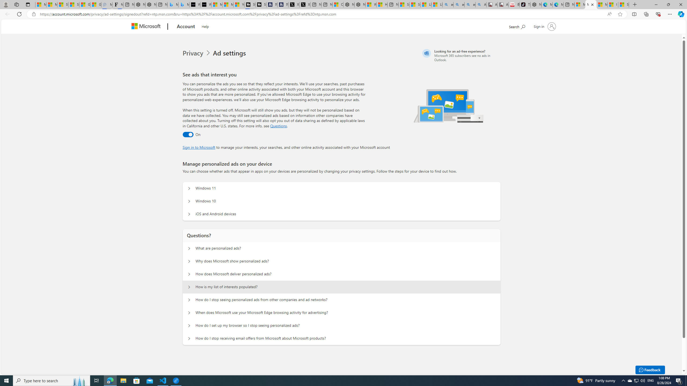 The image size is (687, 386). What do you see at coordinates (524, 4) in the screenshot?
I see `'TikTok'` at bounding box center [524, 4].